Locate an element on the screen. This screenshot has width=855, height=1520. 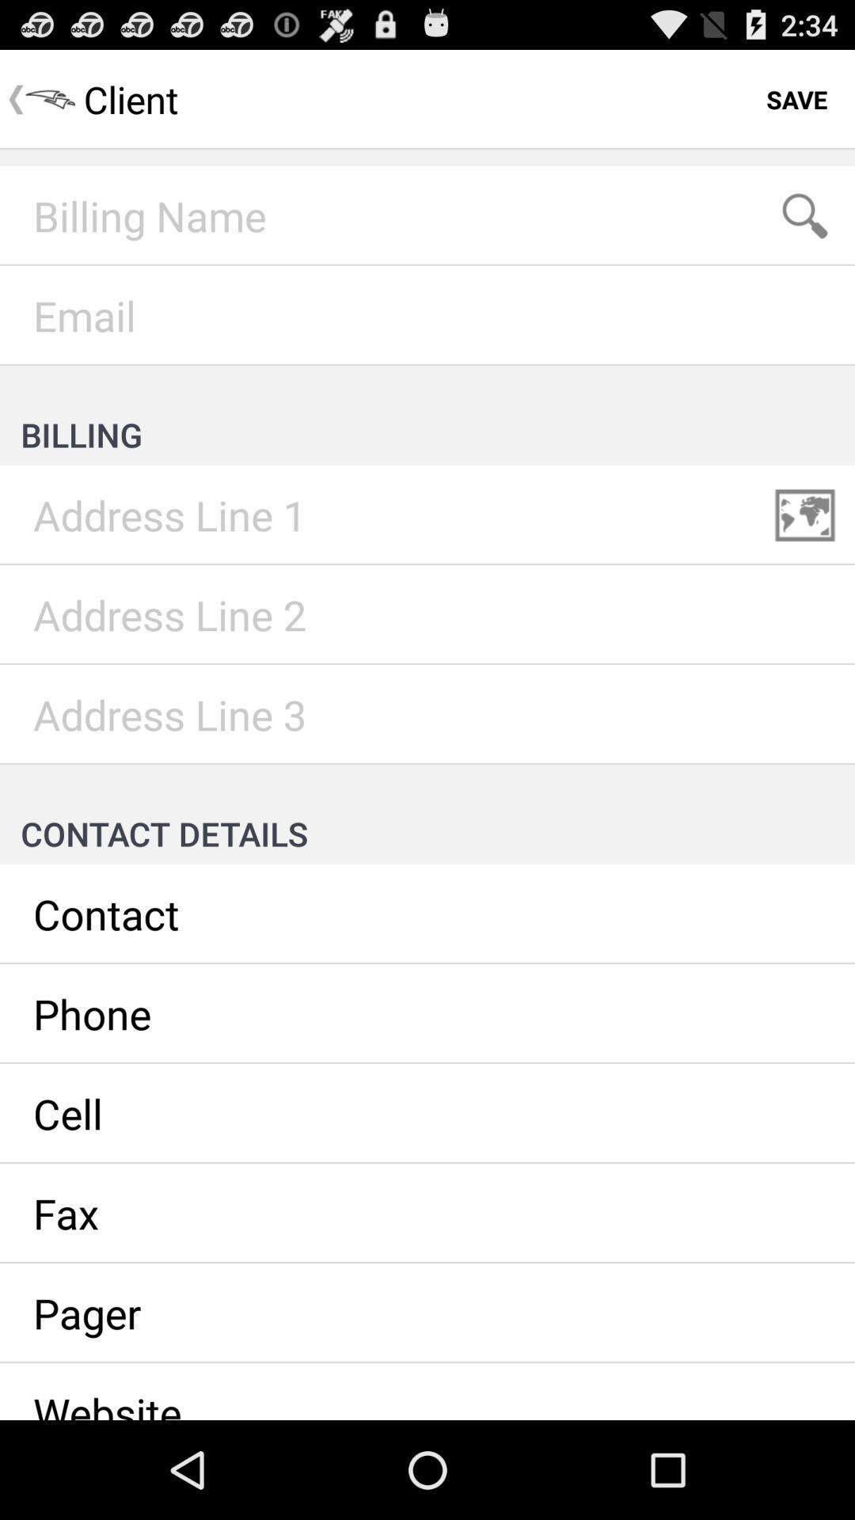
the search icon is located at coordinates (805, 230).